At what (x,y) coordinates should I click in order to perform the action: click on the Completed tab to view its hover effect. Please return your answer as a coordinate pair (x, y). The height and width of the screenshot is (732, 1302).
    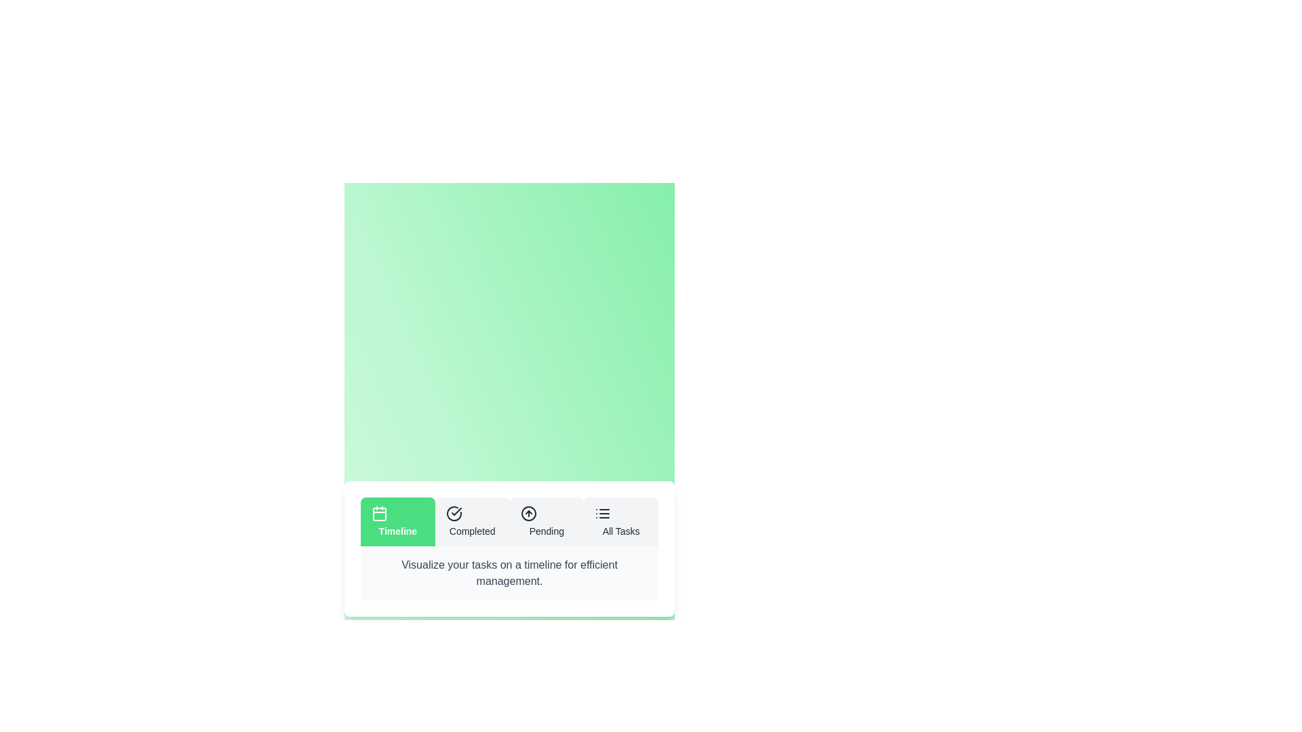
    Looking at the image, I should click on (472, 521).